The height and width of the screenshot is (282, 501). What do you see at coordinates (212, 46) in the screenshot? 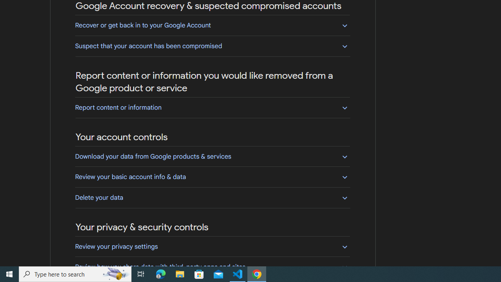
I see `'Suspect that your account has been compromised'` at bounding box center [212, 46].